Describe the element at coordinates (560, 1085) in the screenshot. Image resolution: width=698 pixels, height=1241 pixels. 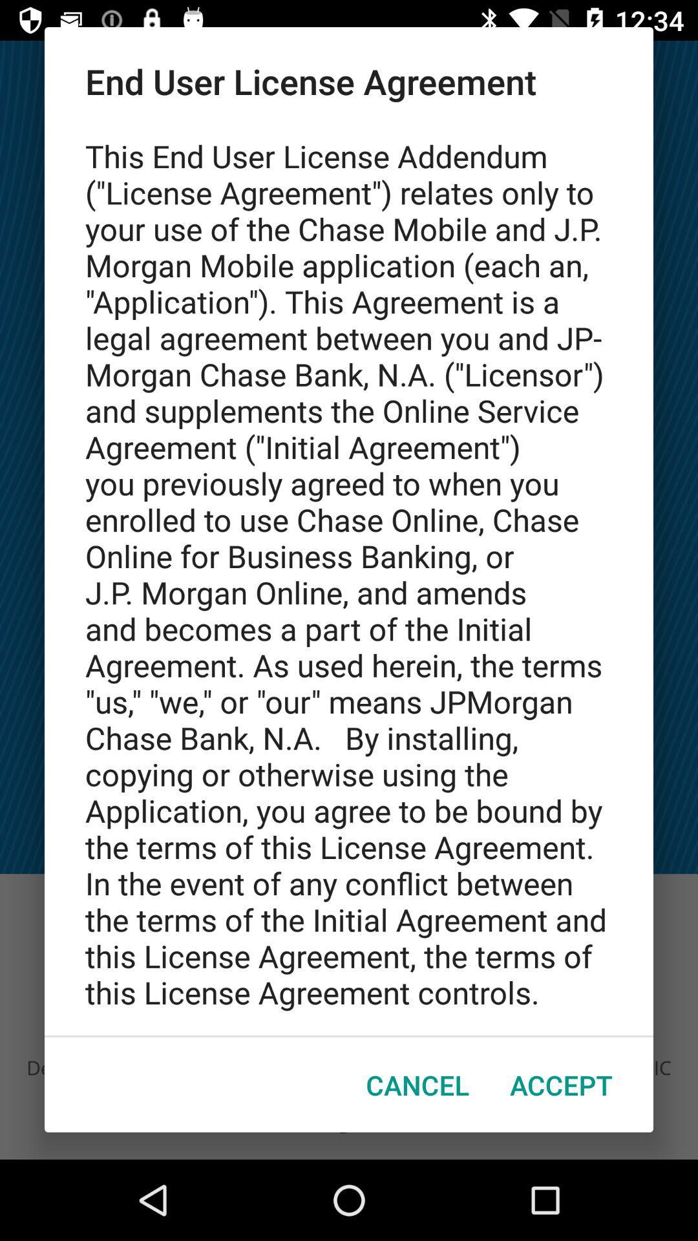
I see `the app below this end user app` at that location.